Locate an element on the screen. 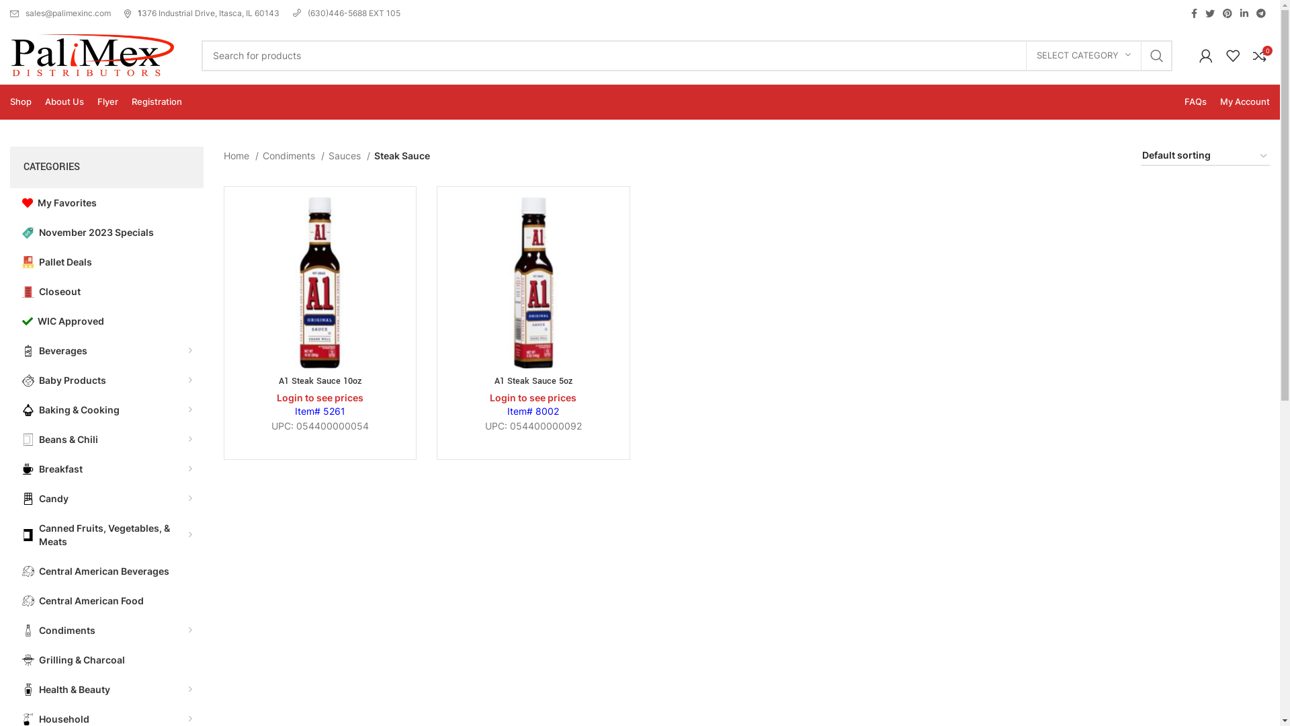 The image size is (1290, 726). 'Breakfast' is located at coordinates (105, 469).